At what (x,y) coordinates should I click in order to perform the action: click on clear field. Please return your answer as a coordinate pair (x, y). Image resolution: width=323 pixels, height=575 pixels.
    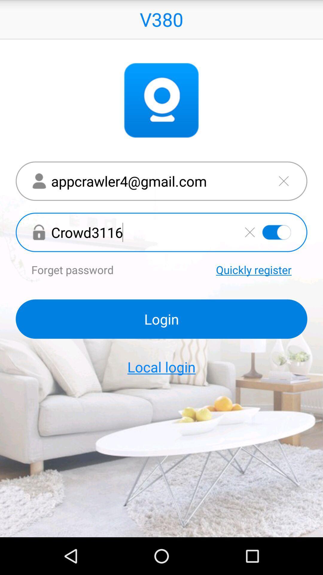
    Looking at the image, I should click on (250, 232).